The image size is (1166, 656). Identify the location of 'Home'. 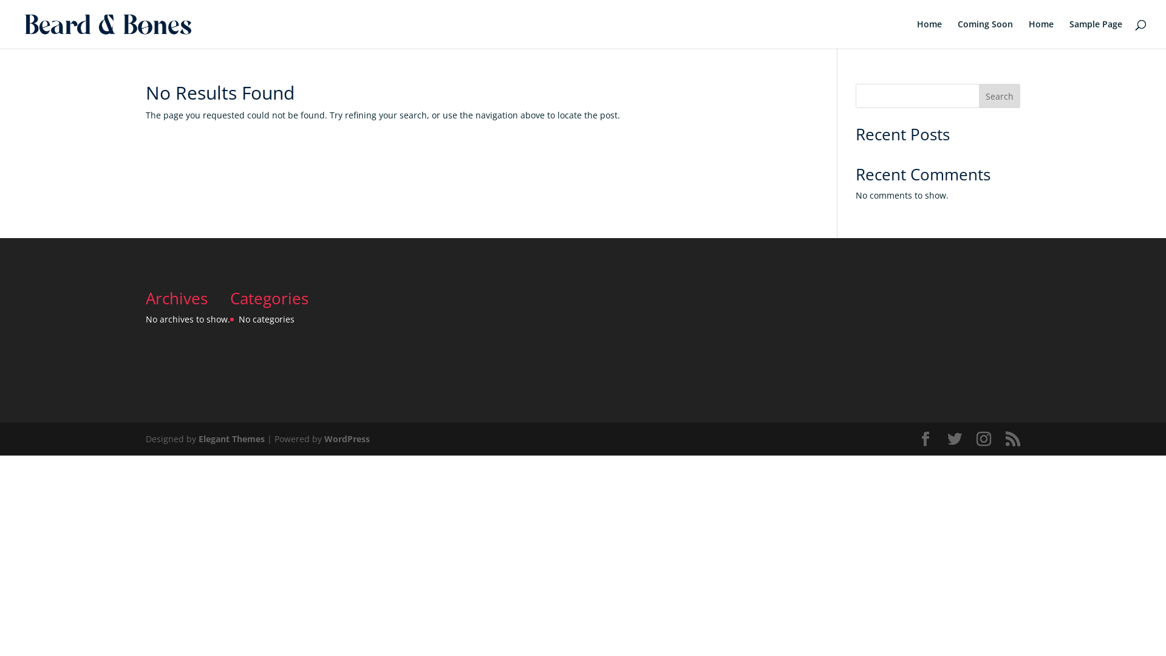
(1040, 33).